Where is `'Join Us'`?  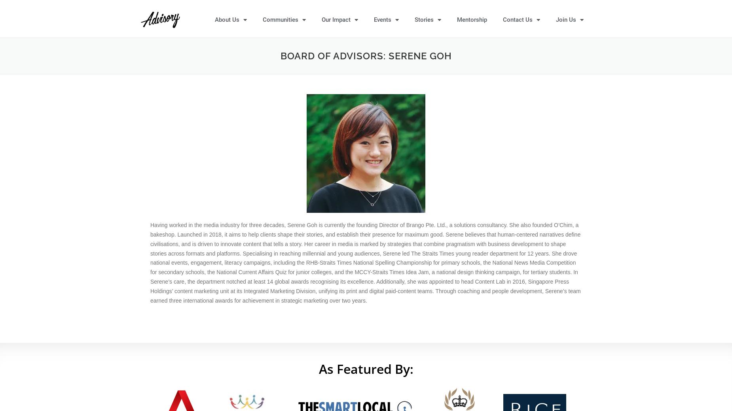
'Join Us' is located at coordinates (565, 19).